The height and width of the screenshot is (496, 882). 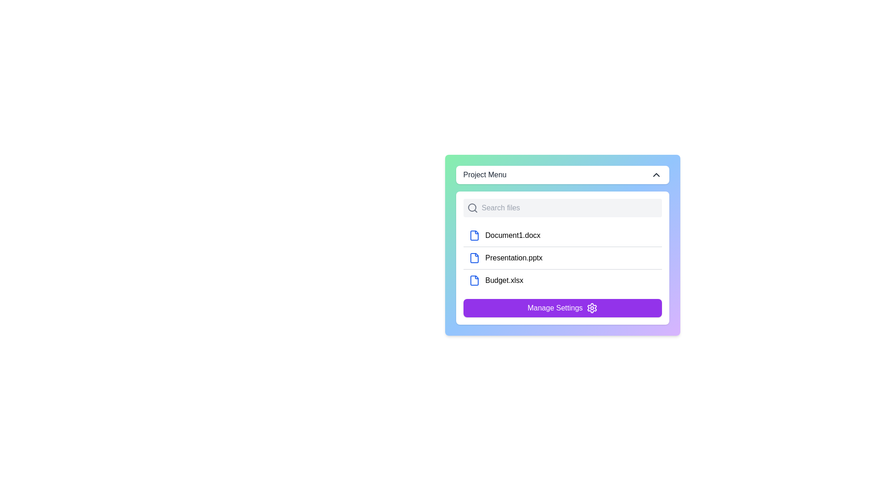 What do you see at coordinates (562, 308) in the screenshot?
I see `the 'Manage Settings' button with a vibrant purple background and a gear icon` at bounding box center [562, 308].